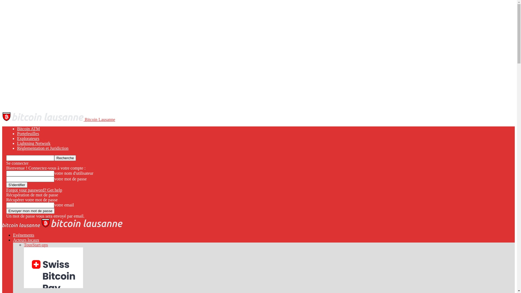 The image size is (521, 293). What do you see at coordinates (40, 245) in the screenshot?
I see `'Start-ups'` at bounding box center [40, 245].